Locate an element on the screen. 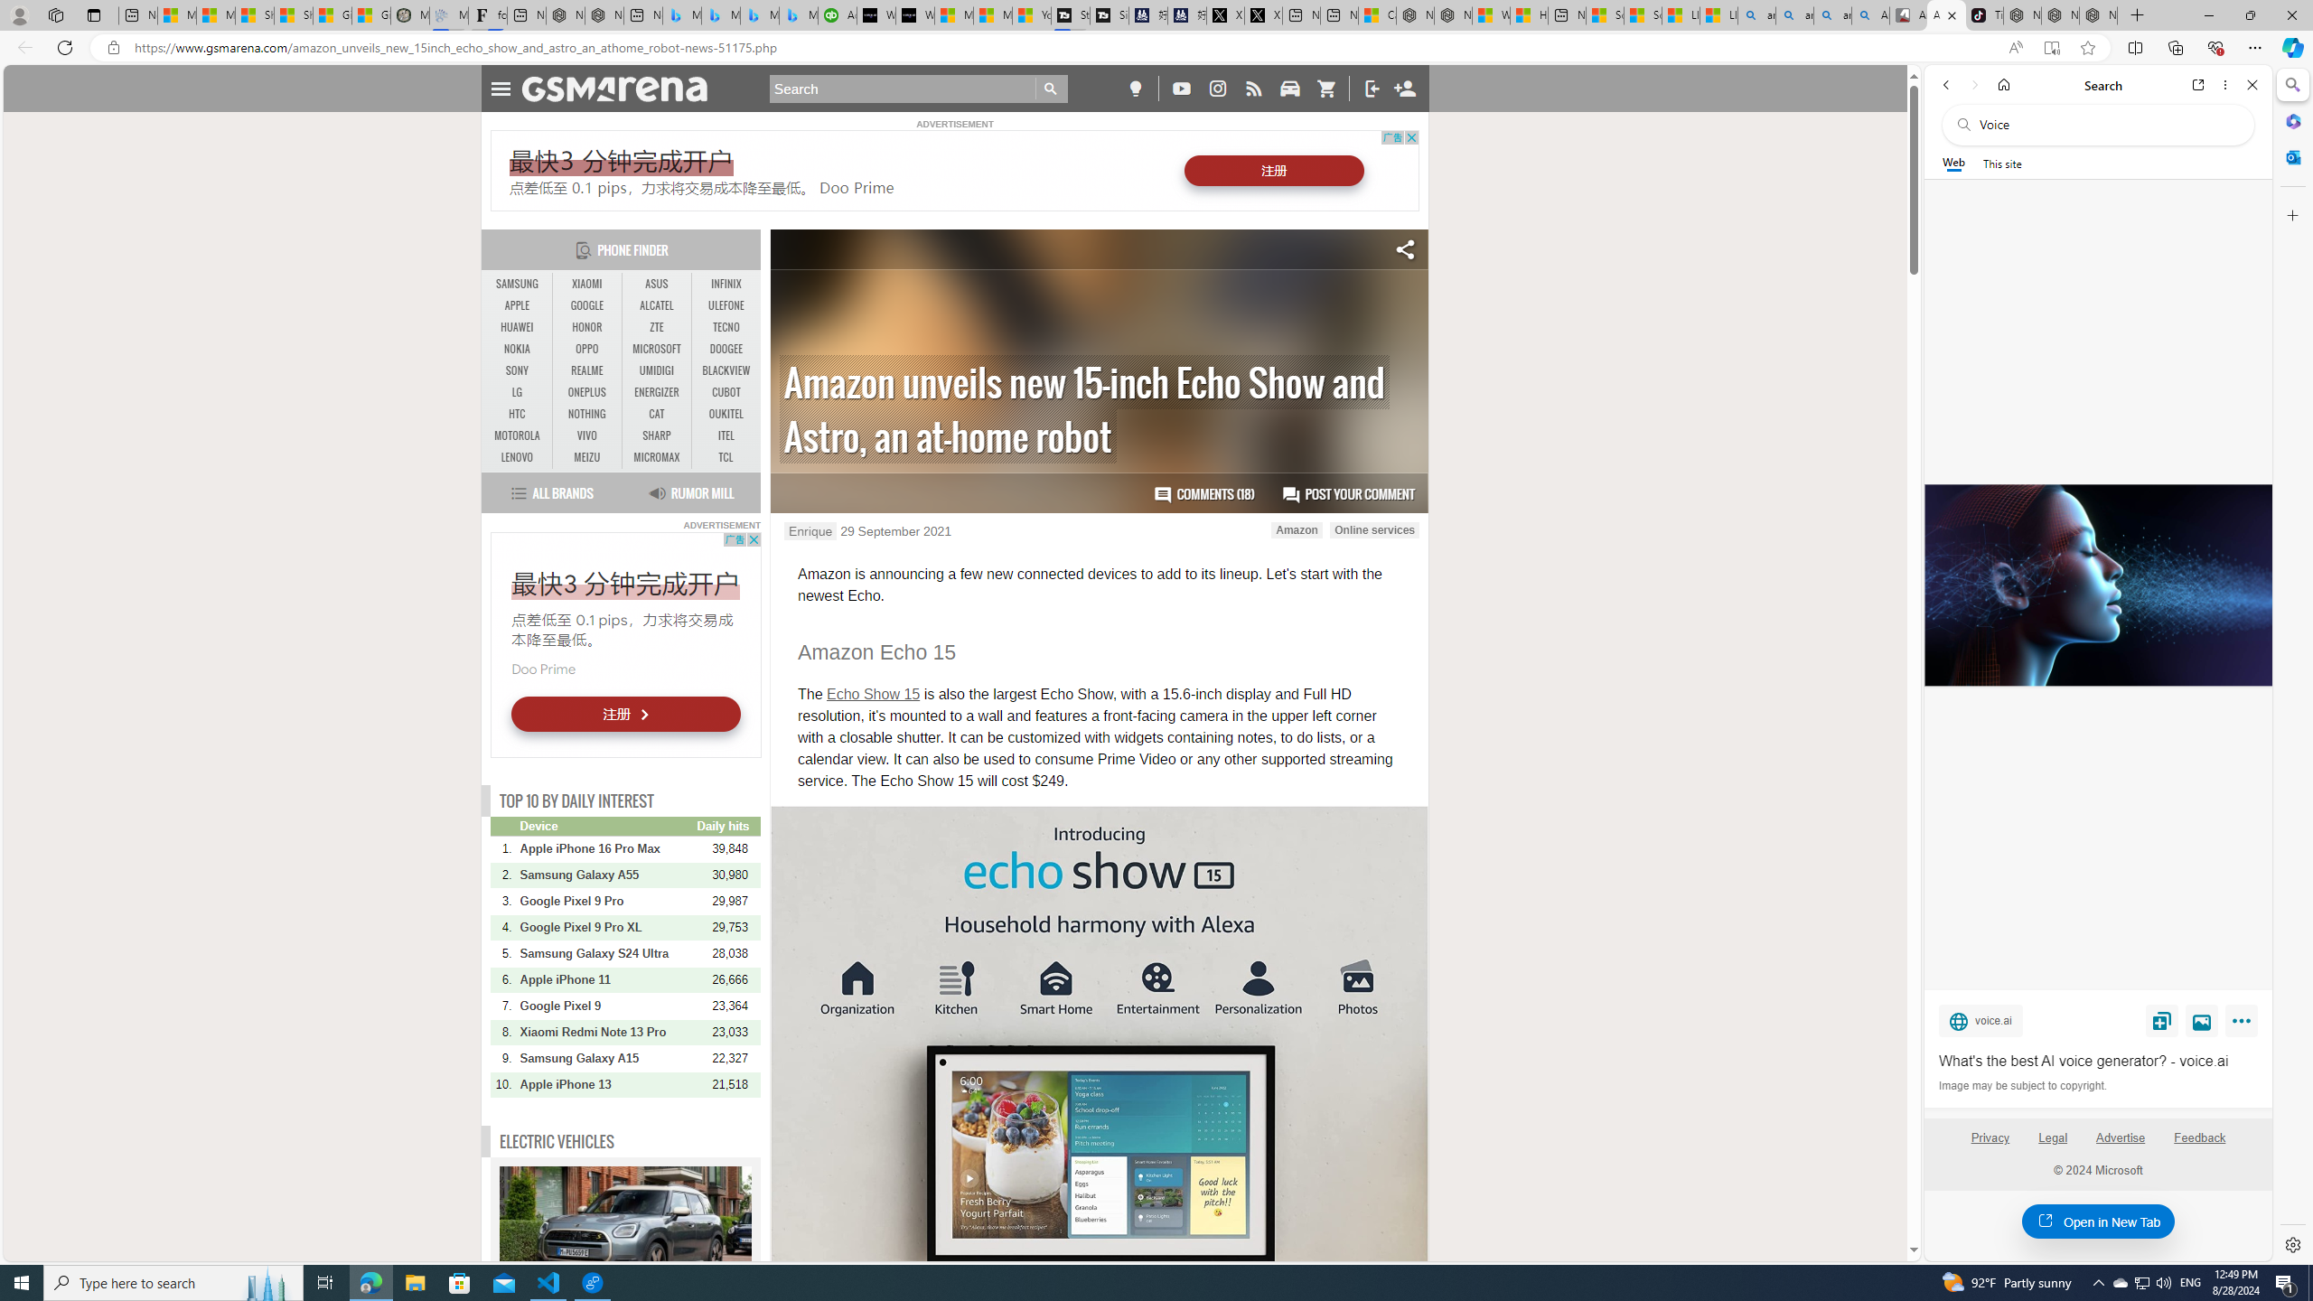 The width and height of the screenshot is (2313, 1301). 'UMIDIGI' is located at coordinates (656, 370).